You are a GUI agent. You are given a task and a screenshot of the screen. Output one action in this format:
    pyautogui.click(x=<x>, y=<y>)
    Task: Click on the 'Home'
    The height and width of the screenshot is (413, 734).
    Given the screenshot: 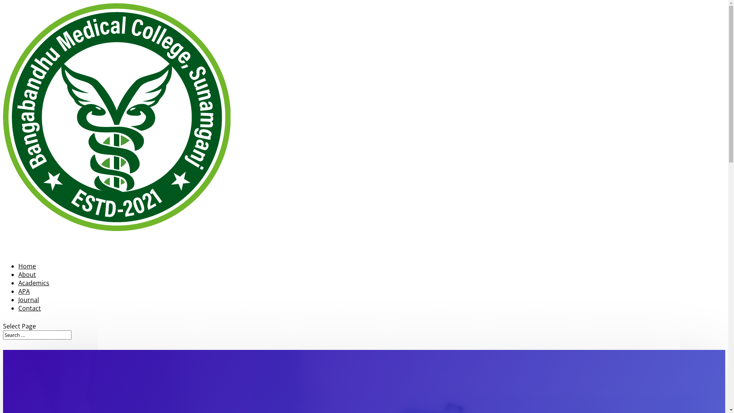 What is the action you would take?
    pyautogui.click(x=27, y=277)
    